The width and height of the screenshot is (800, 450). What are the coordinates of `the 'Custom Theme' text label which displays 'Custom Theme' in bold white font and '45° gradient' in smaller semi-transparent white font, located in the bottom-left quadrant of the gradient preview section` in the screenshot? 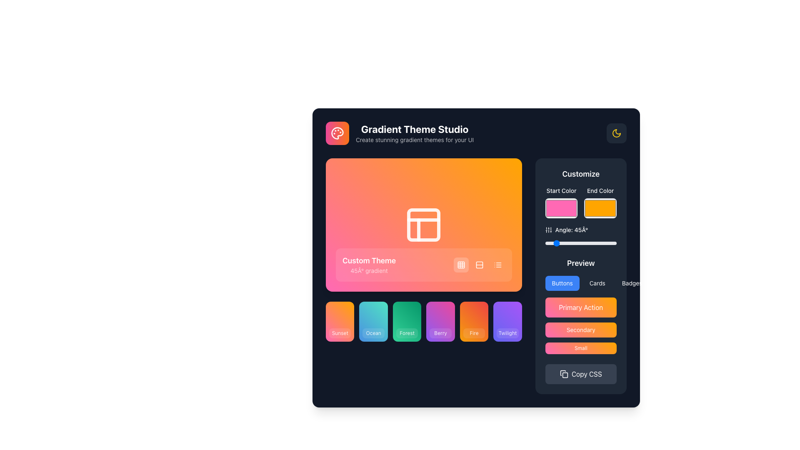 It's located at (369, 265).